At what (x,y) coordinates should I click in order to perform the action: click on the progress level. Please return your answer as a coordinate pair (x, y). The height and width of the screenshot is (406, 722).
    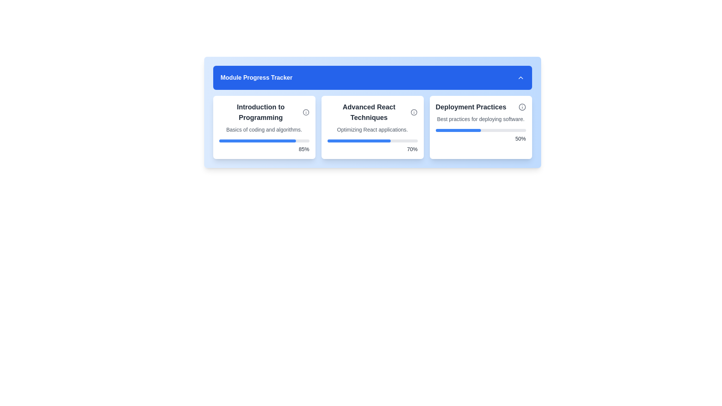
    Looking at the image, I should click on (438, 130).